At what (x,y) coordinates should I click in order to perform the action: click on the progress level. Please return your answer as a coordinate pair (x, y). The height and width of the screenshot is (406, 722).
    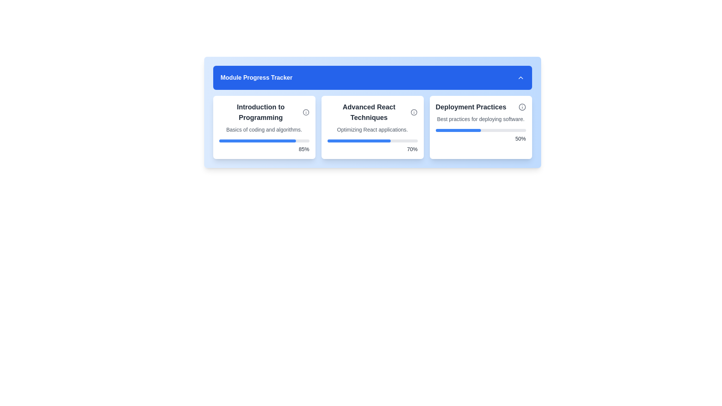
    Looking at the image, I should click on (438, 130).